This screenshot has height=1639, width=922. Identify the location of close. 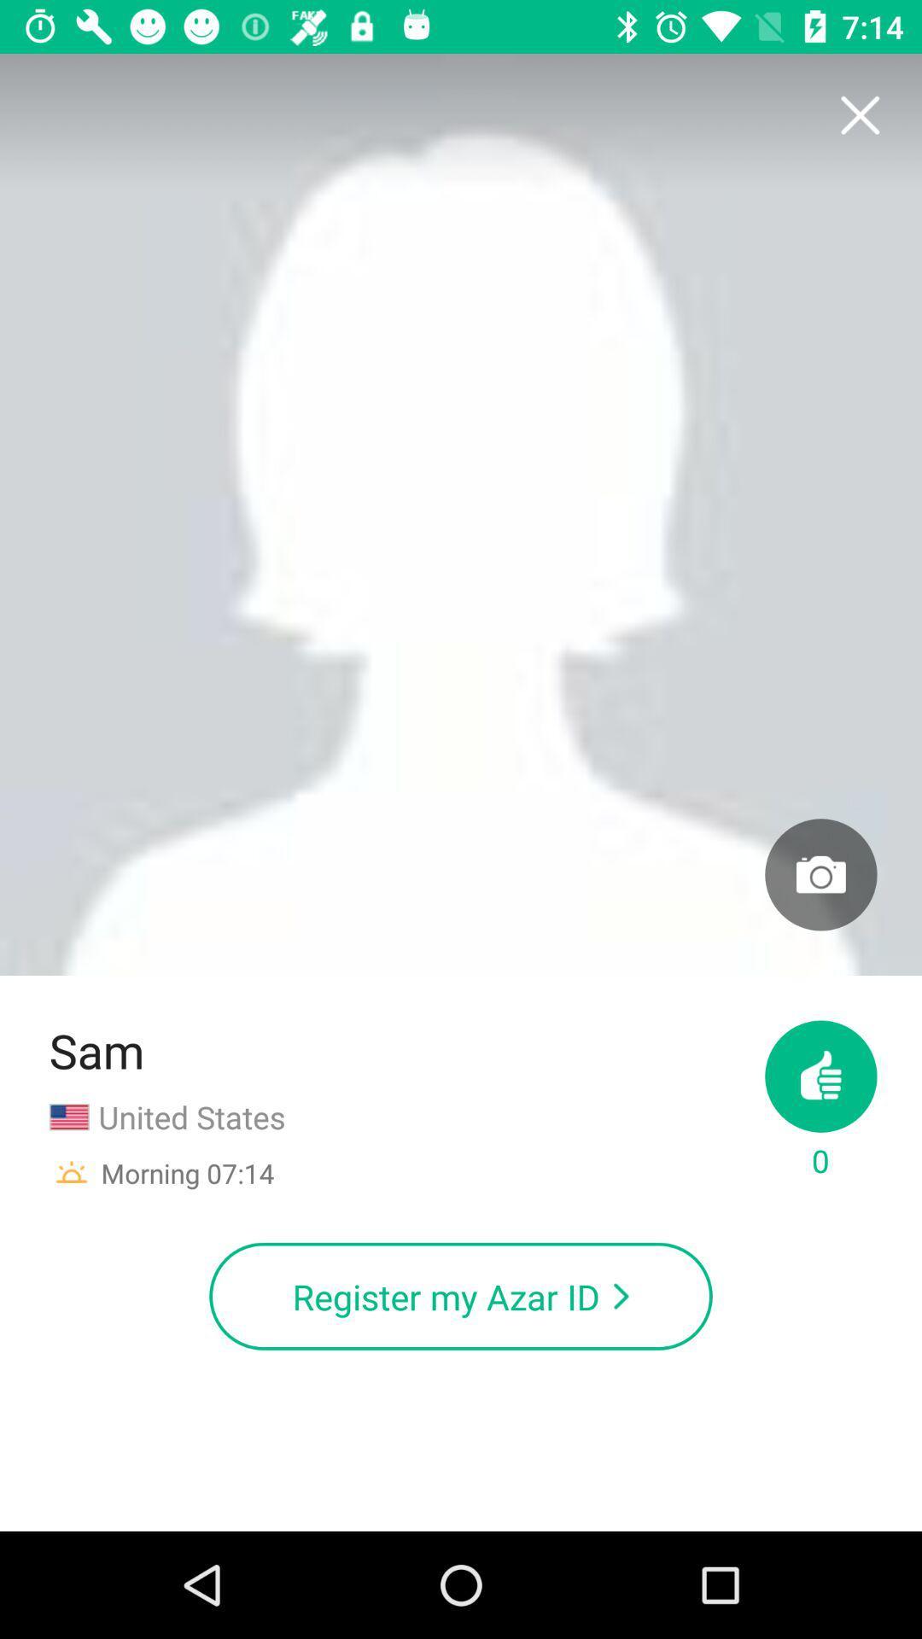
(859, 115).